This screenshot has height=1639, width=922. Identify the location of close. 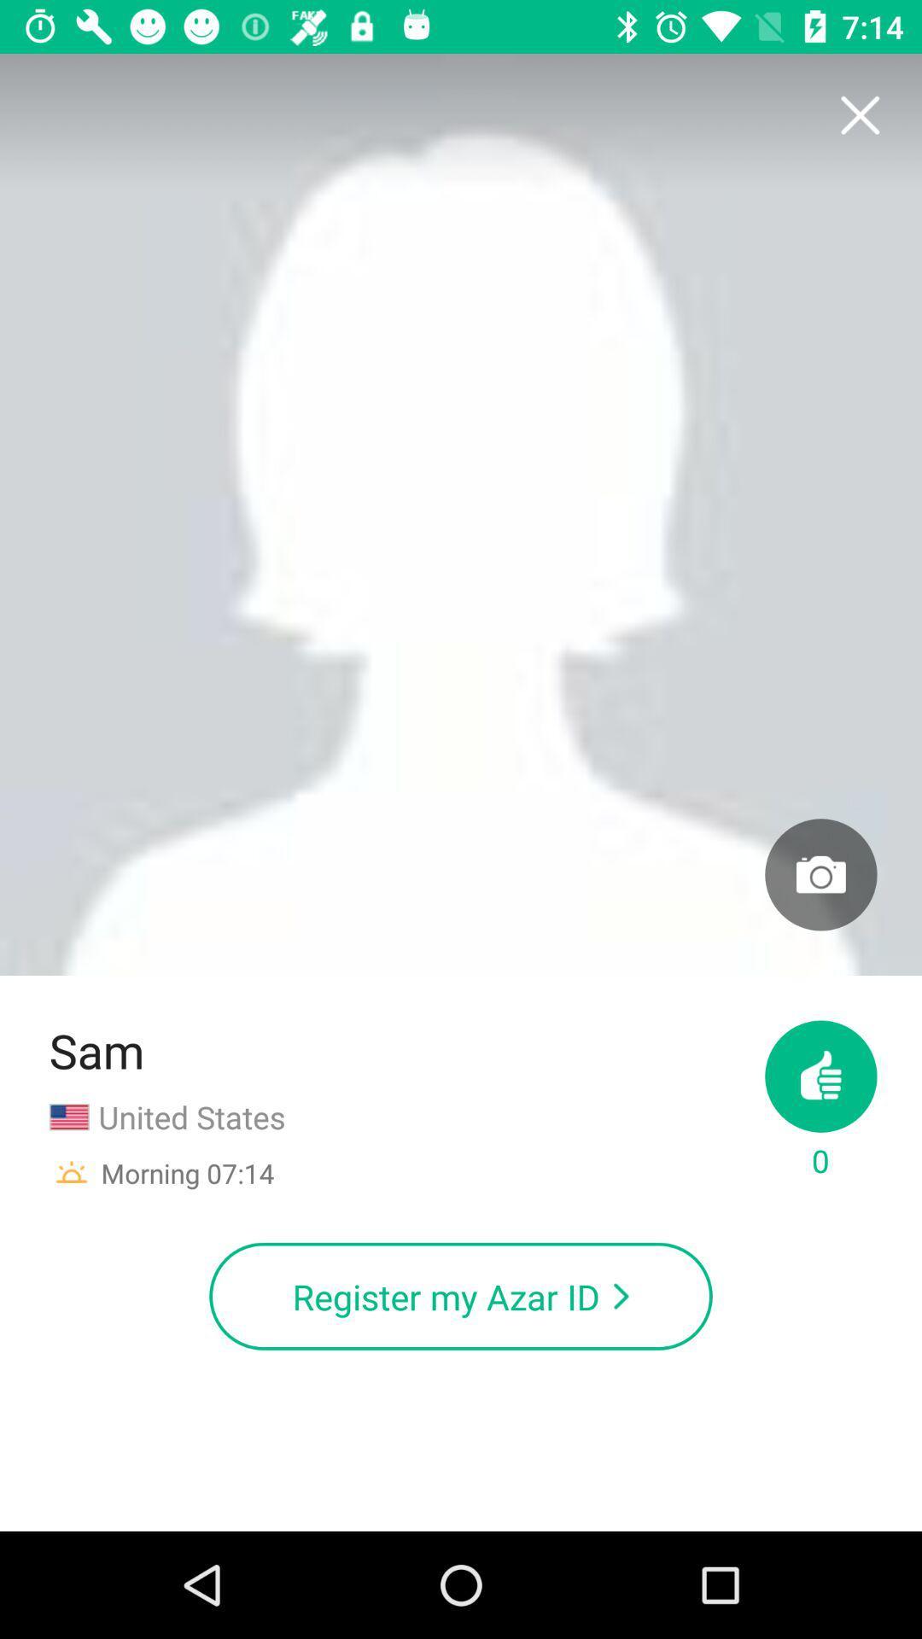
(859, 115).